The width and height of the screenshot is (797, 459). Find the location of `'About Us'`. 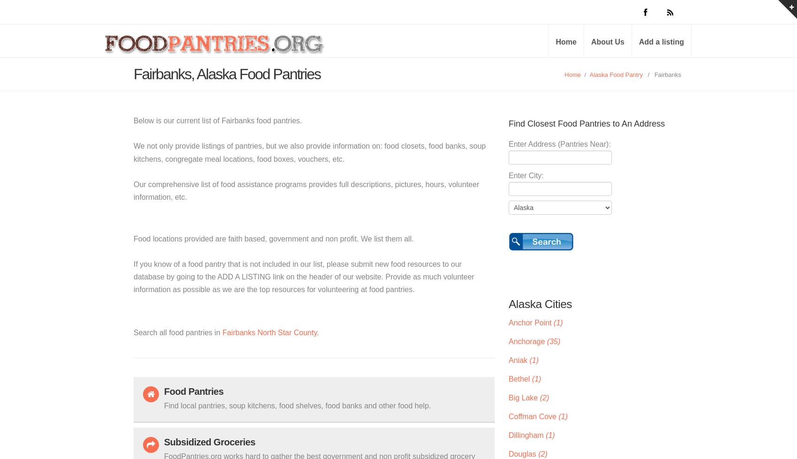

'About Us' is located at coordinates (608, 42).